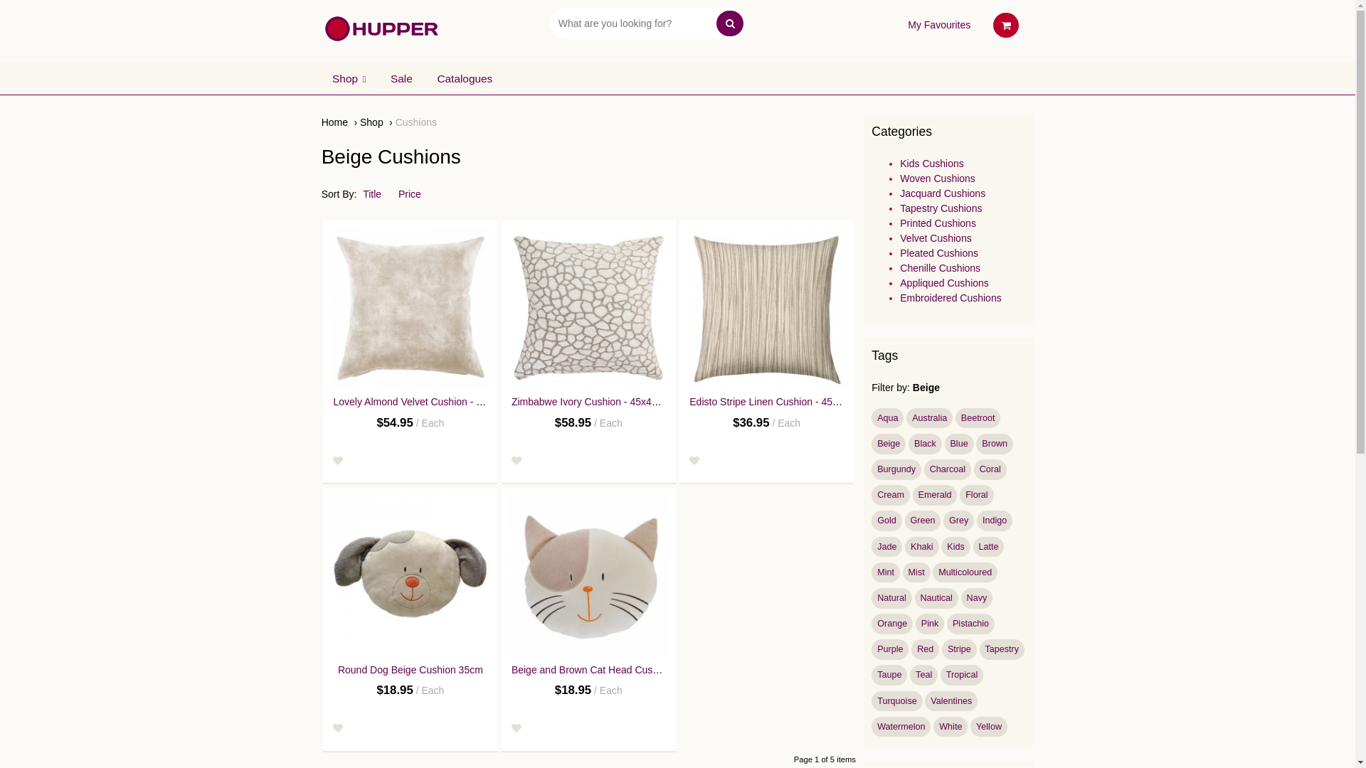  Describe the element at coordinates (870, 417) in the screenshot. I see `'Aqua'` at that location.